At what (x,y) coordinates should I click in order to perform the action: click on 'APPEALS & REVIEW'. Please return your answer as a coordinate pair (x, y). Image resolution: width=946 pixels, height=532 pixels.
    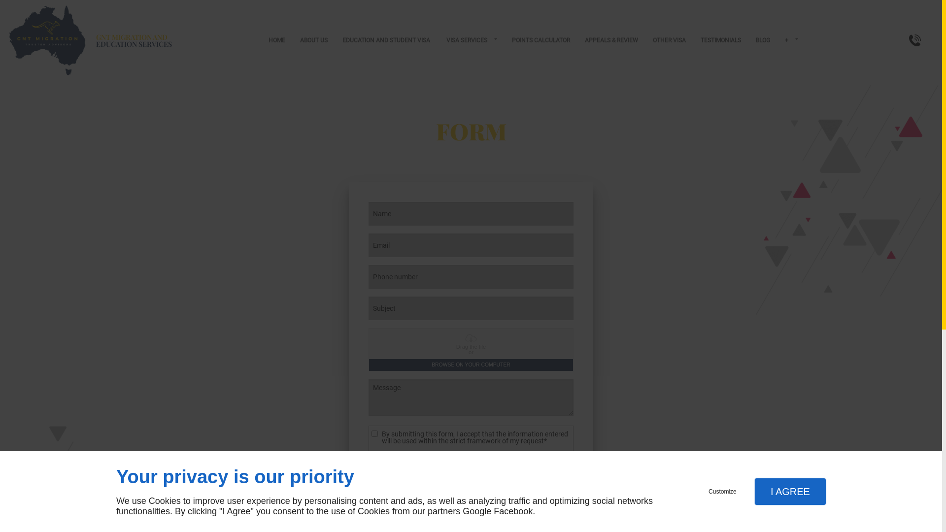
    Looking at the image, I should click on (611, 39).